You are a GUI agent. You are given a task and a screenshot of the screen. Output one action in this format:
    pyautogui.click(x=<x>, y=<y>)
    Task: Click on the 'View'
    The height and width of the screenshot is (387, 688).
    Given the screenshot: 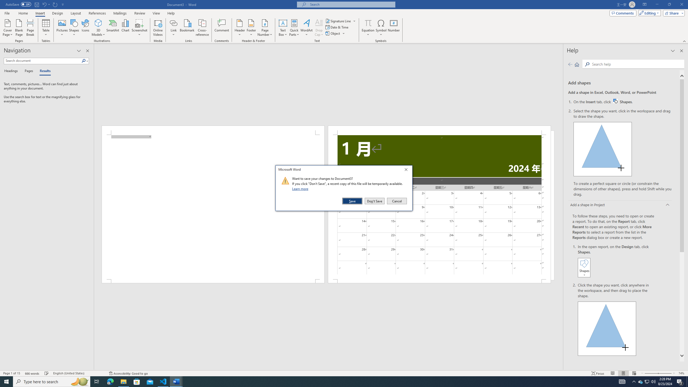 What is the action you would take?
    pyautogui.click(x=156, y=13)
    